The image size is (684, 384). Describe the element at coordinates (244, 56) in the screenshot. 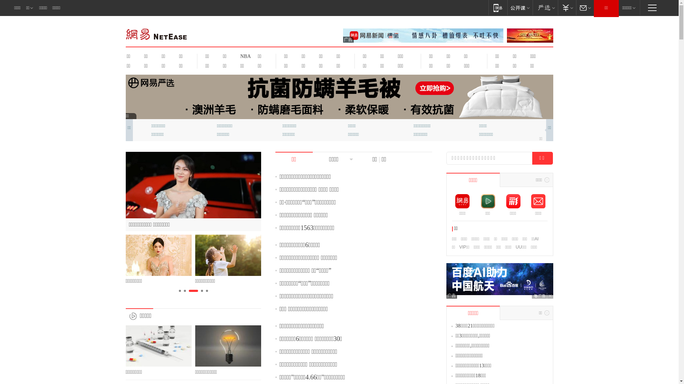

I see `'NBA'` at that location.